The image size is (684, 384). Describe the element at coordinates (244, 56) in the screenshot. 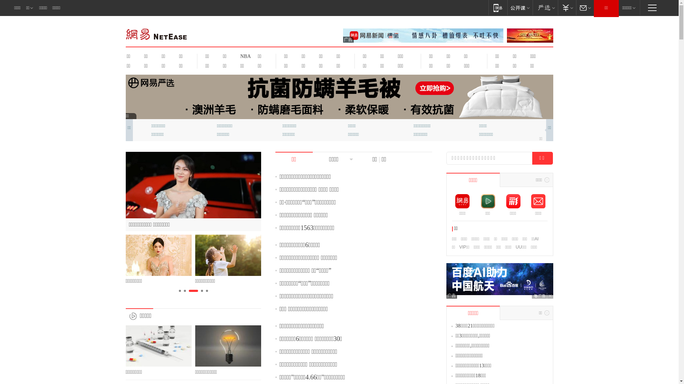

I see `'NBA'` at that location.